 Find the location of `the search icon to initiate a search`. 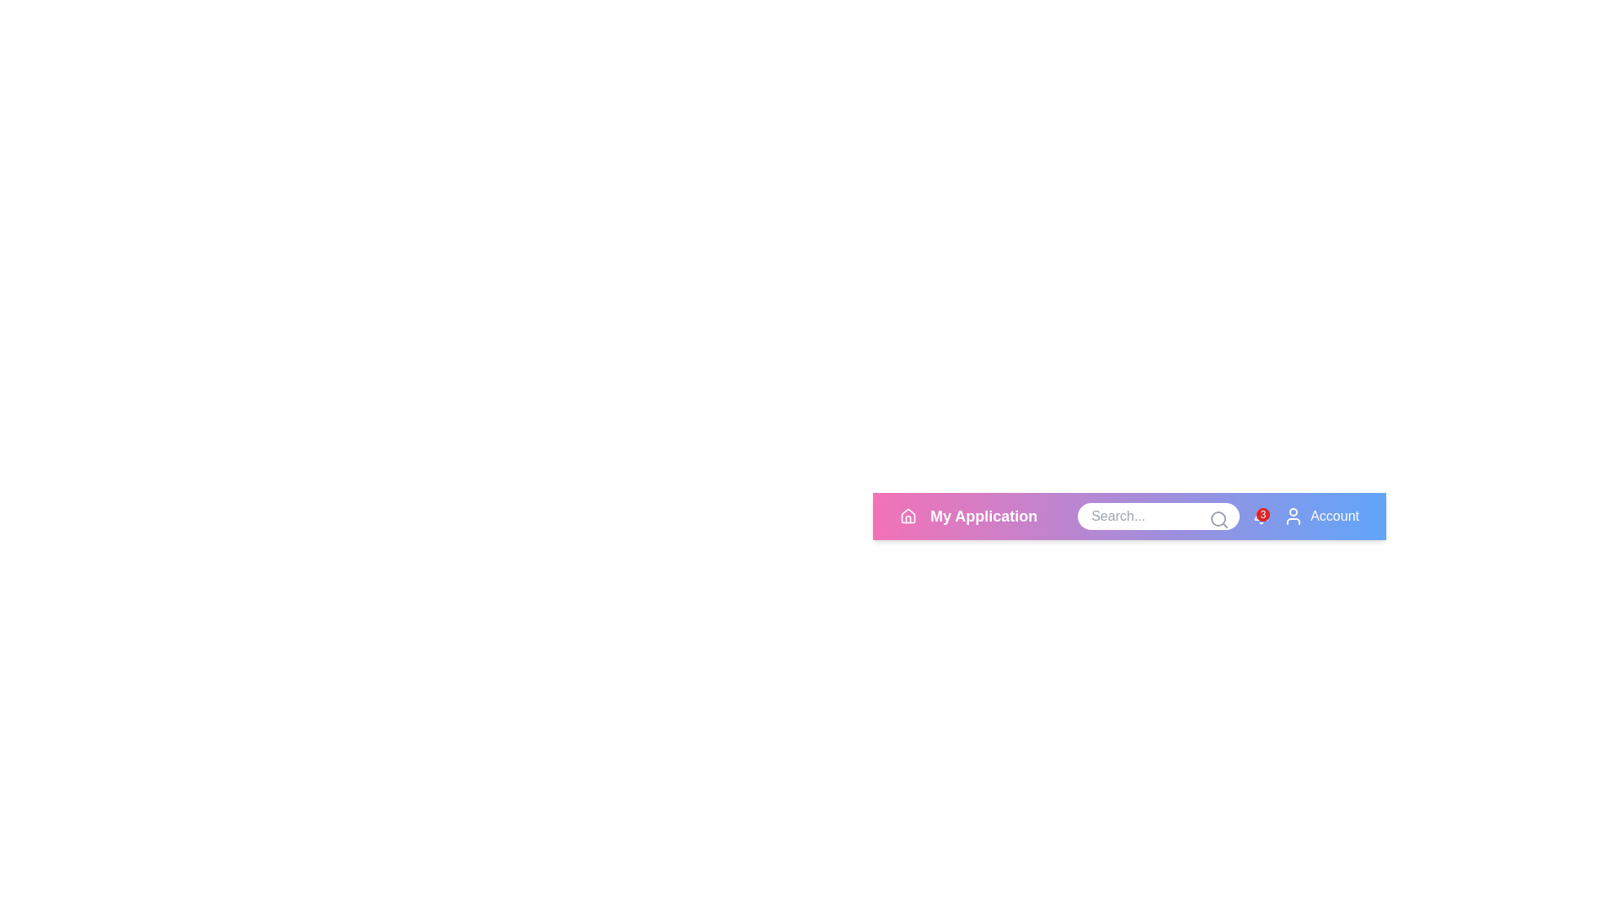

the search icon to initiate a search is located at coordinates (1219, 519).